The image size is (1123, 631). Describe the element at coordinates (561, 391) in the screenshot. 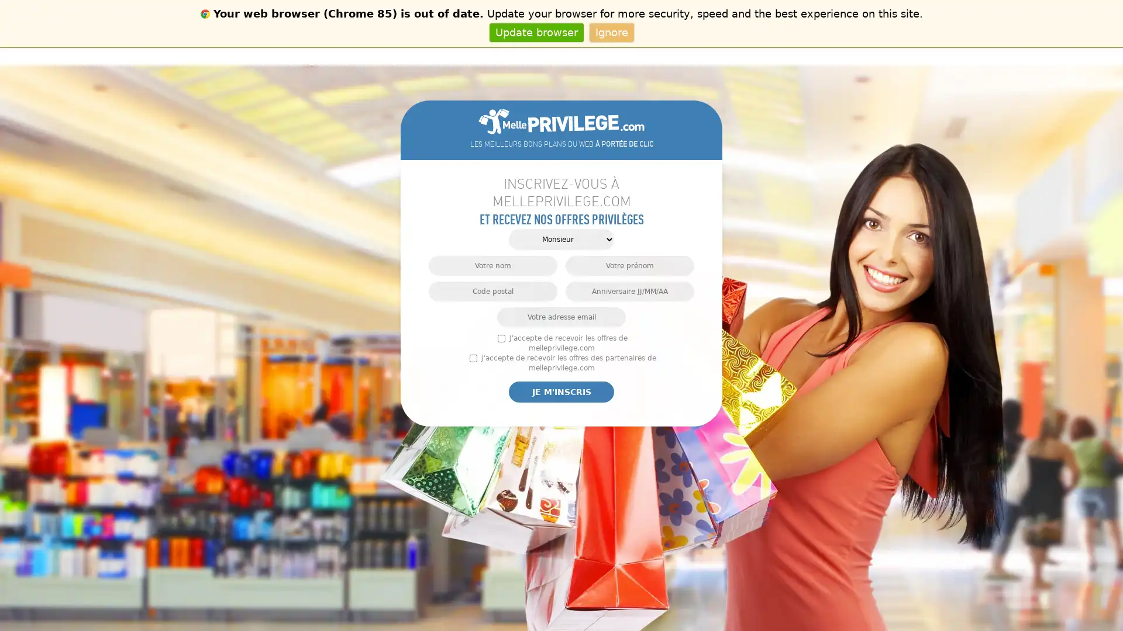

I see `Je m'inscris` at that location.